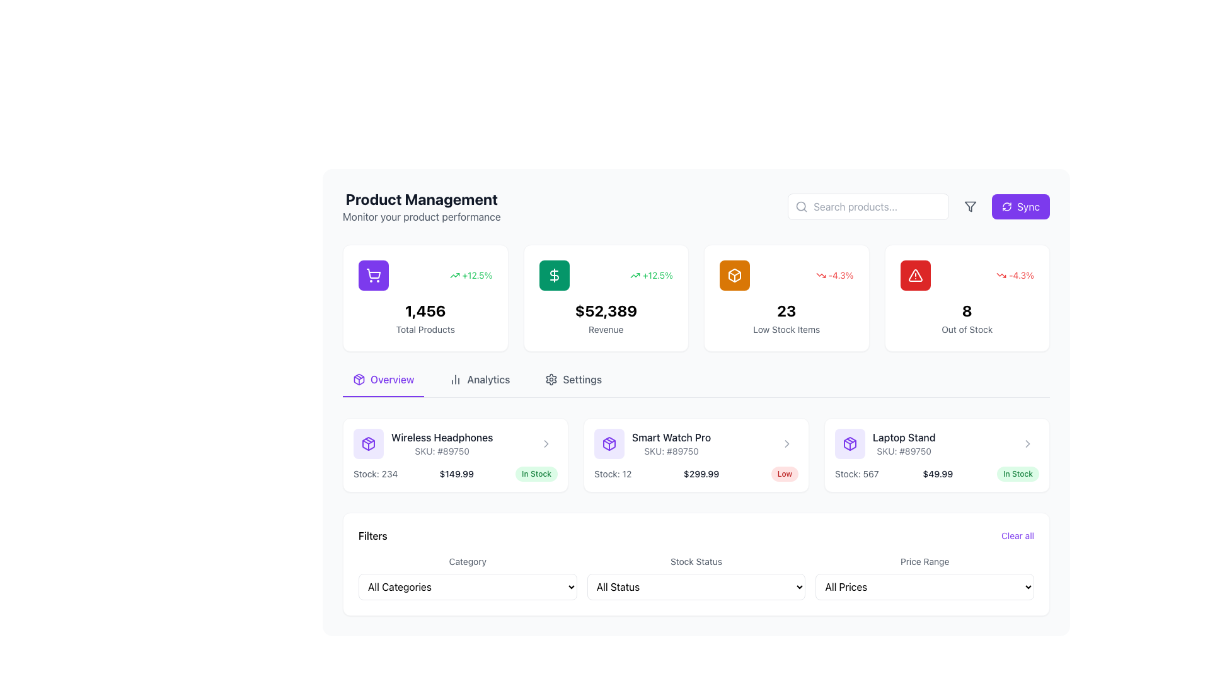 Image resolution: width=1210 pixels, height=681 pixels. Describe the element at coordinates (801, 206) in the screenshot. I see `the search icon located inside the search input bar, specifically positioned to the left side of the input field, enhancing user understanding of the field's purpose` at that location.